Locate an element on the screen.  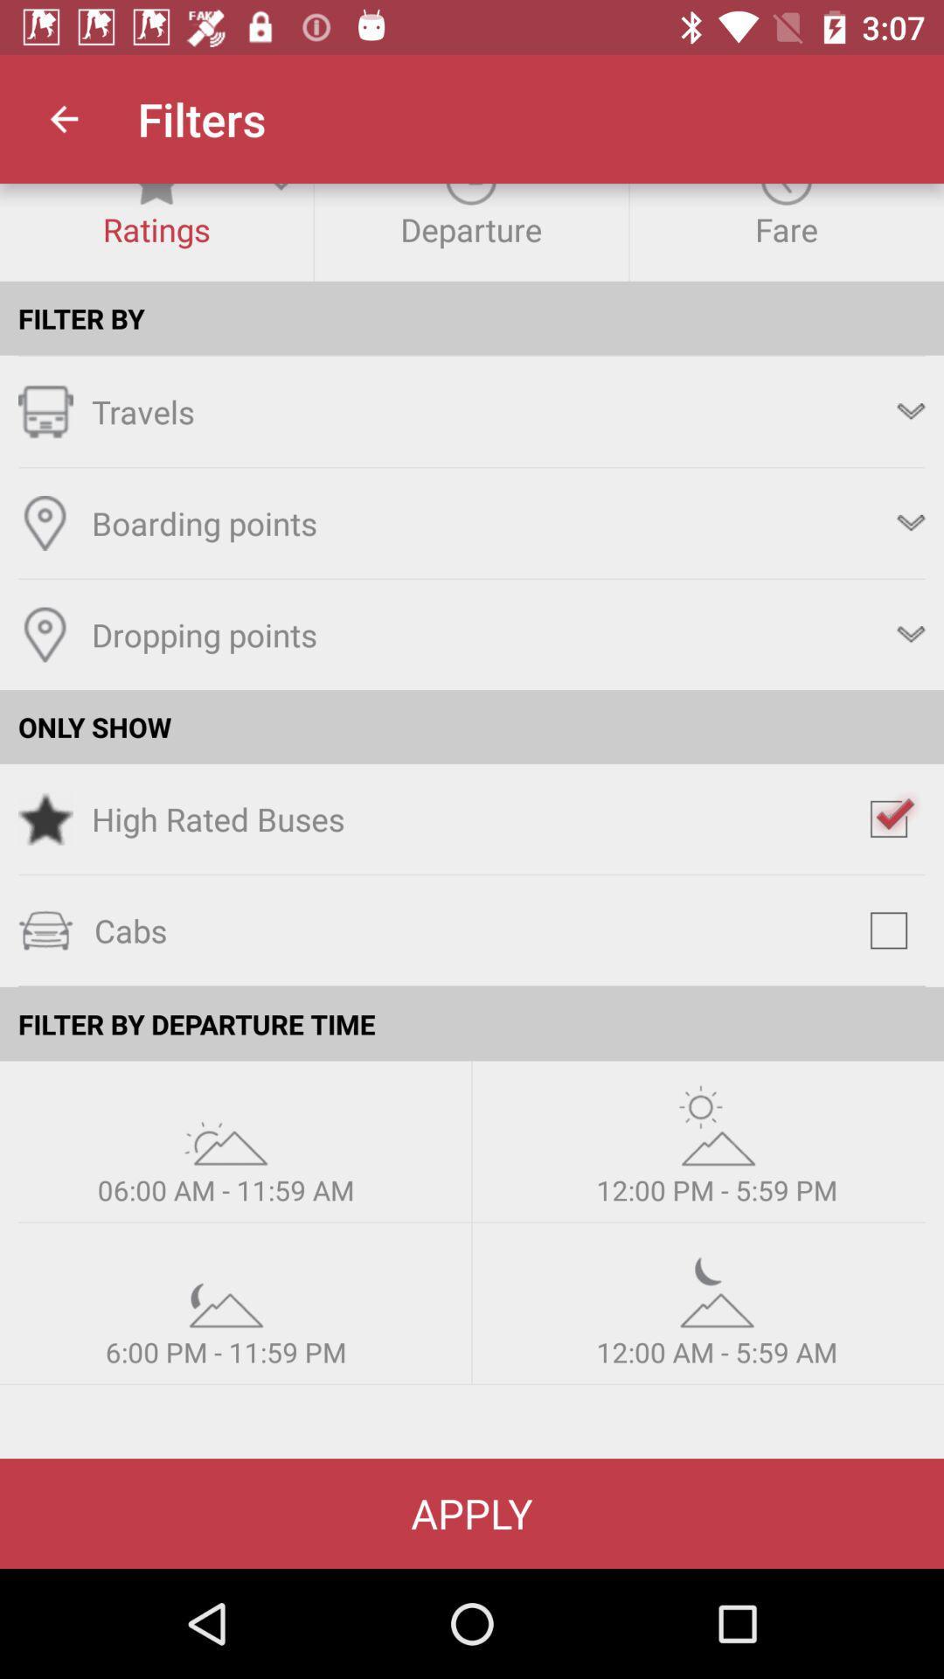
filter by evening time is located at coordinates (225, 1287).